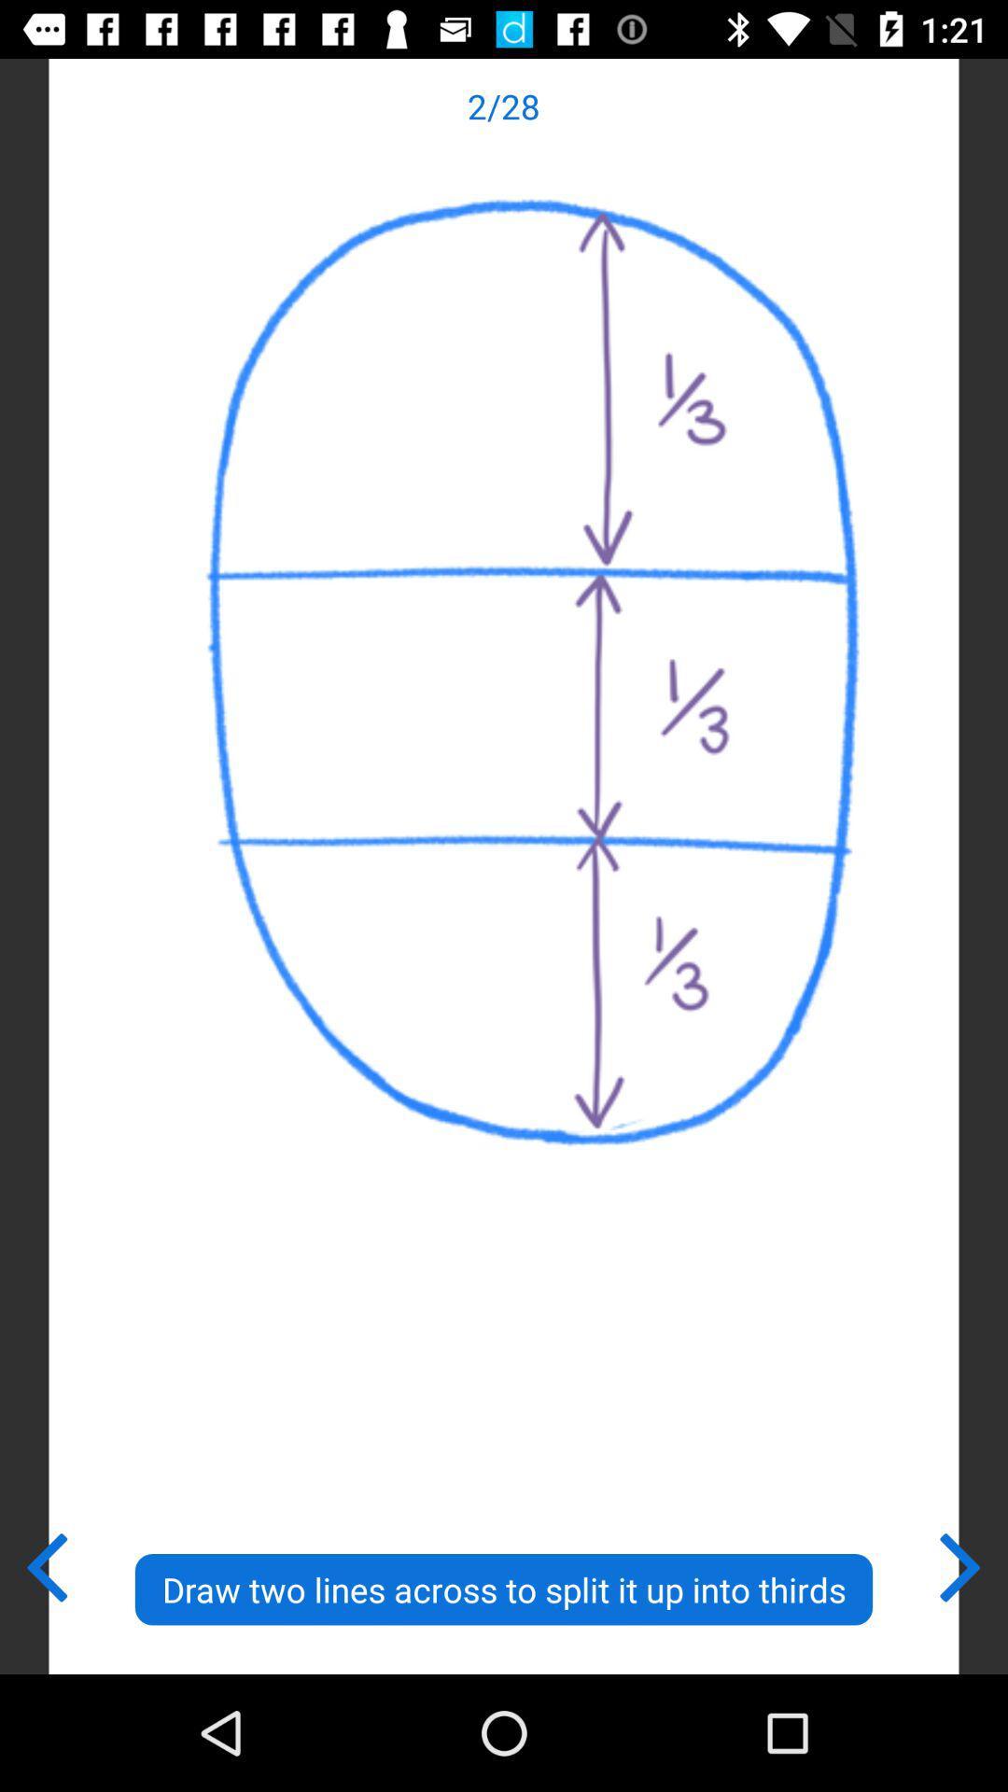  I want to click on the item next to the draw two lines item, so click(45, 1563).